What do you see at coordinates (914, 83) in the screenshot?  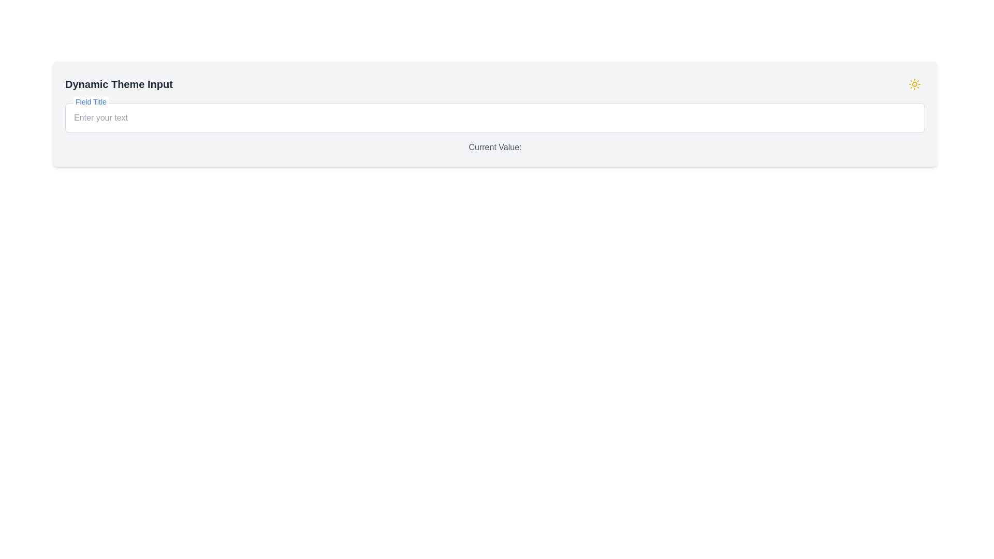 I see `the sun icon, which is yellow and located at the right end of the input field` at bounding box center [914, 83].